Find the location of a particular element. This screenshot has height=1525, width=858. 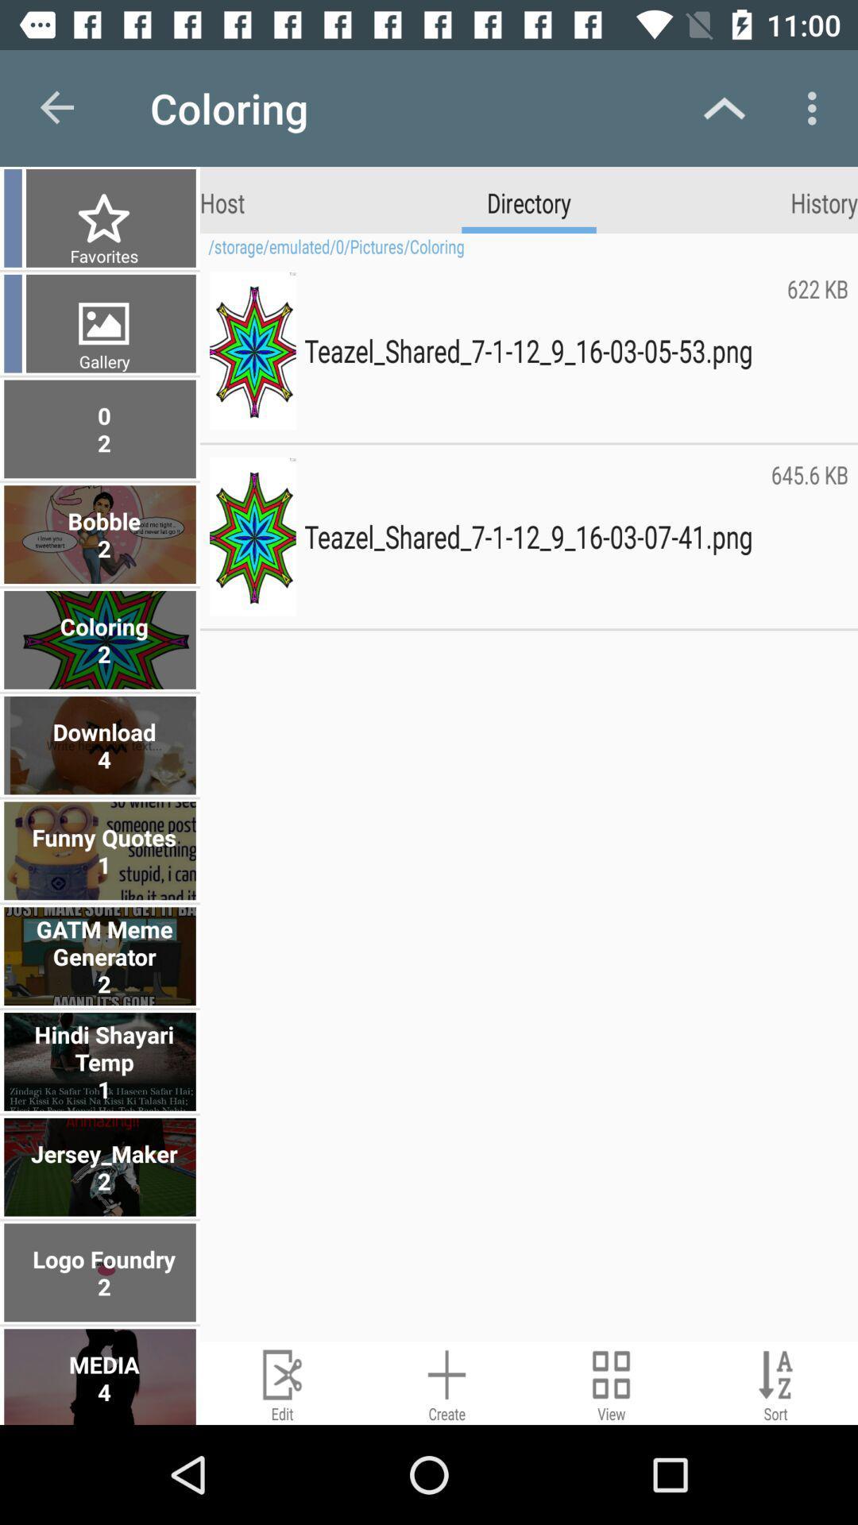

the logo foundry is located at coordinates (102, 1272).